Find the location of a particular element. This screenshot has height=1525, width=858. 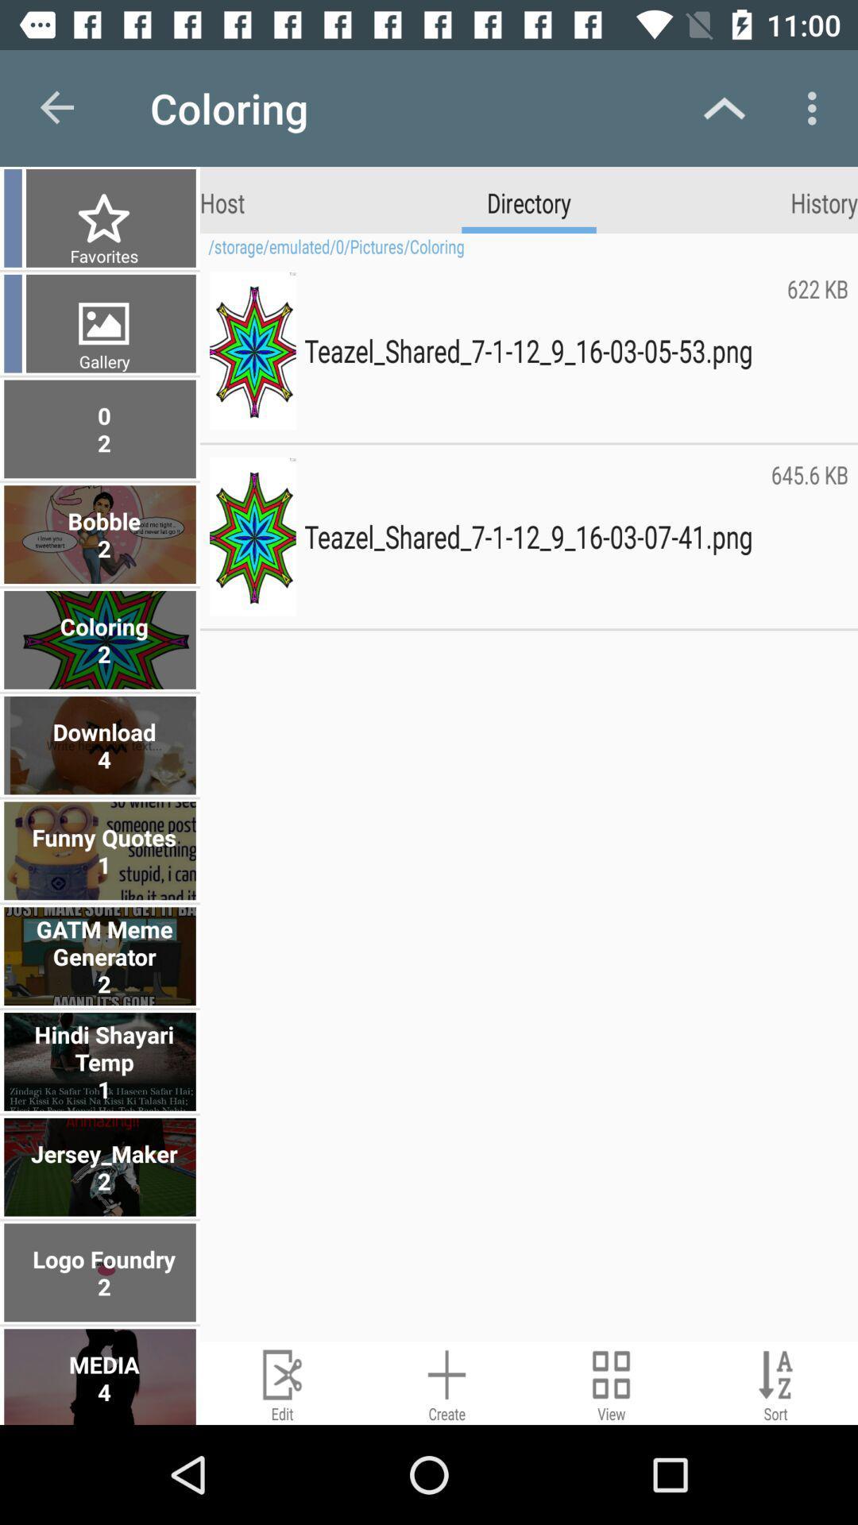

the logo foundry is located at coordinates (102, 1272).